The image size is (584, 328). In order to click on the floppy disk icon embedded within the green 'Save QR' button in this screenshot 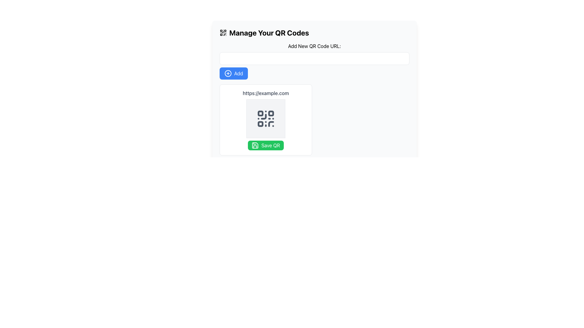, I will do `click(255, 145)`.